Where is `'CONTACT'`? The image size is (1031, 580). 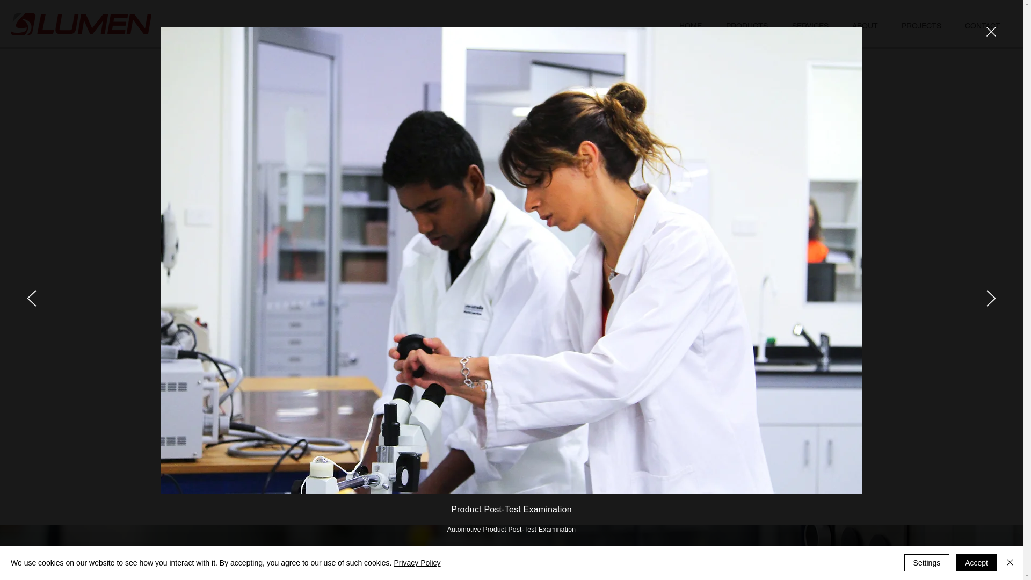 'CONTACT' is located at coordinates (982, 25).